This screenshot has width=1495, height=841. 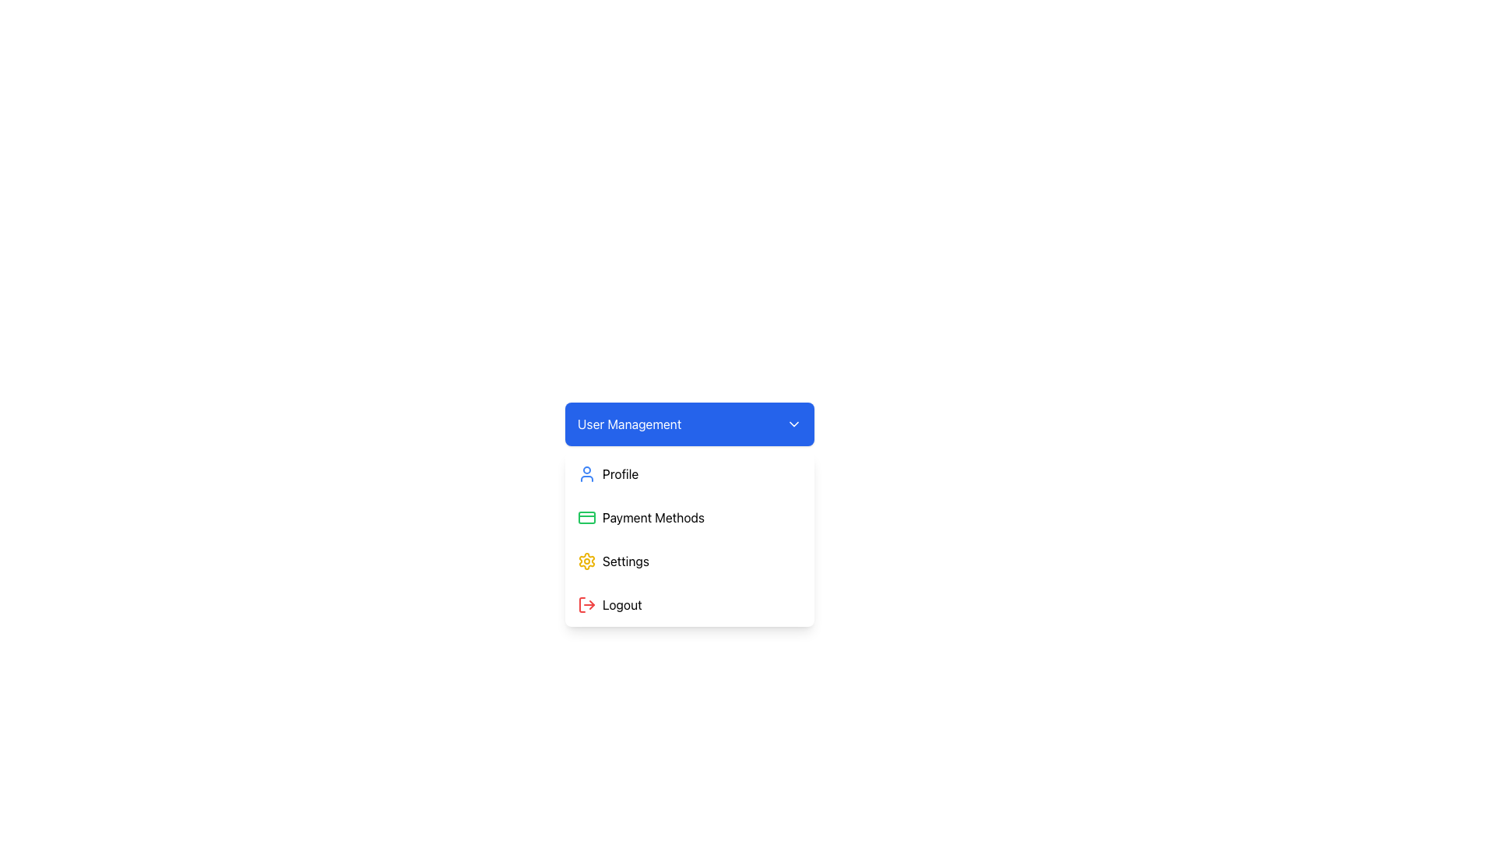 I want to click on the 'Payment Methods' text label within the dropdown menu under 'User Management', so click(x=653, y=517).